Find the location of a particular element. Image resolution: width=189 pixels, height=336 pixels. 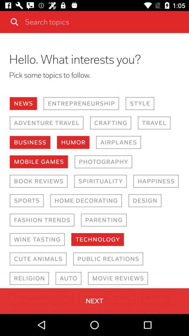

item below cute animals icon is located at coordinates (29, 278).